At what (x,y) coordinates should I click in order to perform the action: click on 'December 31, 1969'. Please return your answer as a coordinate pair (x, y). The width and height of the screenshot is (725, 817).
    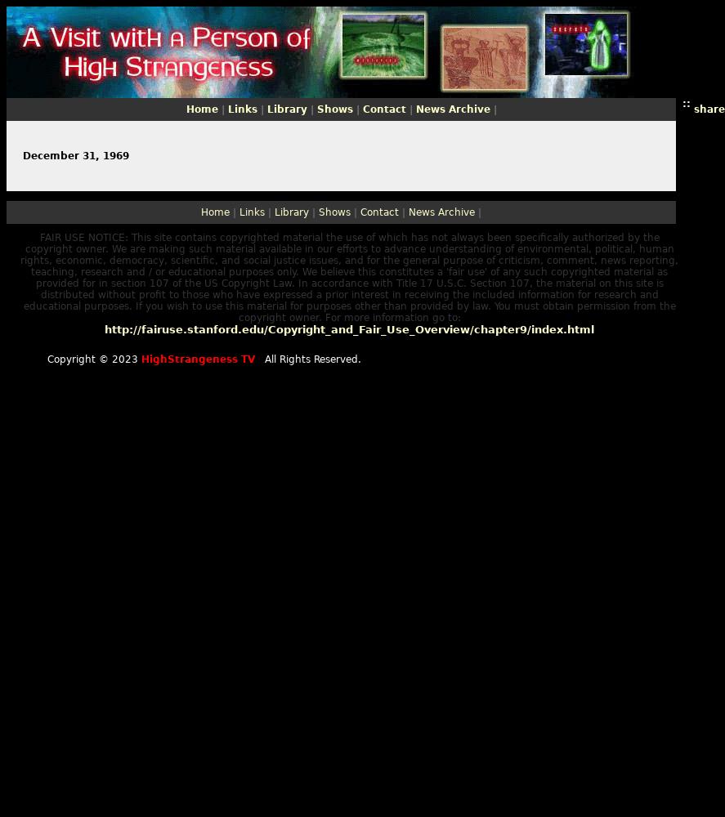
    Looking at the image, I should click on (23, 154).